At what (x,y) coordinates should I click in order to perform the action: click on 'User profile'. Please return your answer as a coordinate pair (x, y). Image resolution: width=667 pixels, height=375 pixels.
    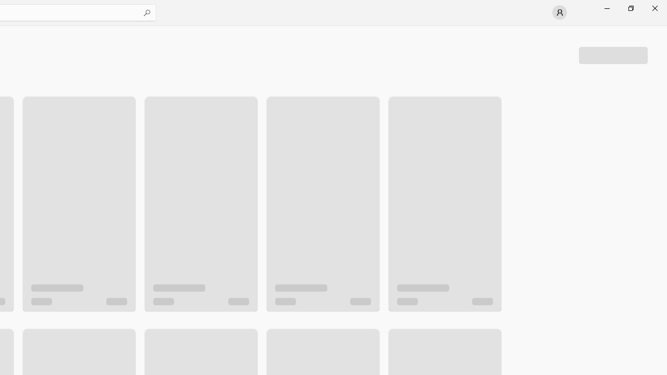
    Looking at the image, I should click on (559, 12).